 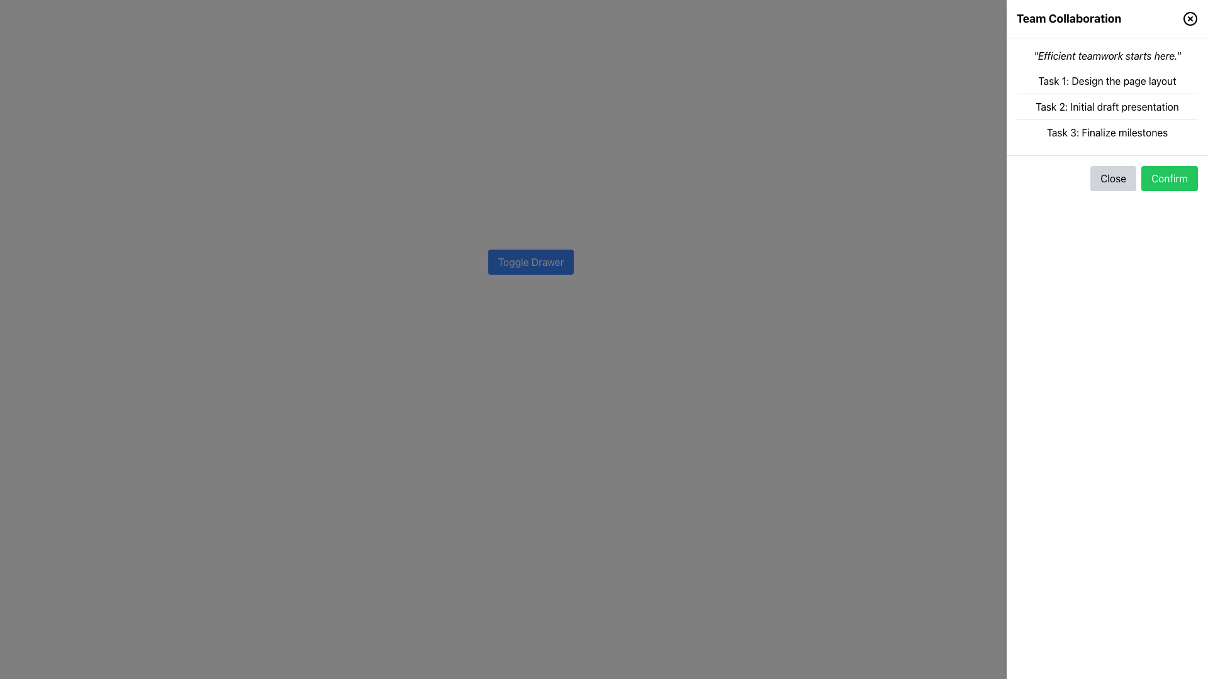 I want to click on the 'Toggle Drawer' button, which is a rectangular button with white text on a solid blue background, so click(x=531, y=261).